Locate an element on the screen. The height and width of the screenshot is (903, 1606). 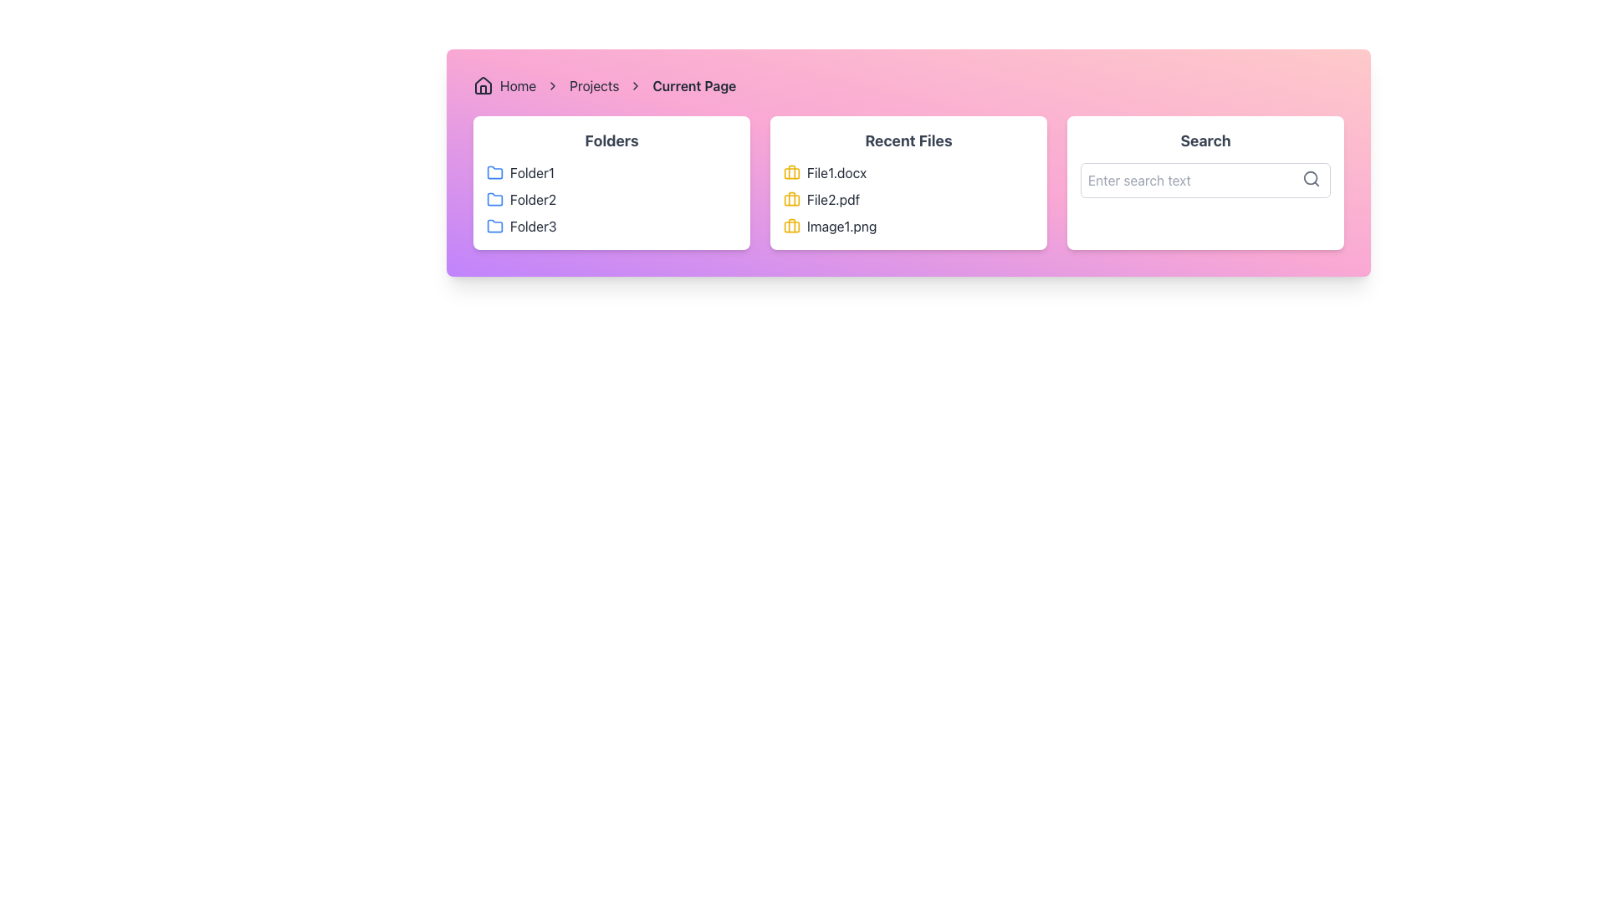
the small stylized home icon located at the leftmost side of the horizontal navigation bar, which resembles a house with a triangular roof and rectangular base is located at coordinates (482, 86).